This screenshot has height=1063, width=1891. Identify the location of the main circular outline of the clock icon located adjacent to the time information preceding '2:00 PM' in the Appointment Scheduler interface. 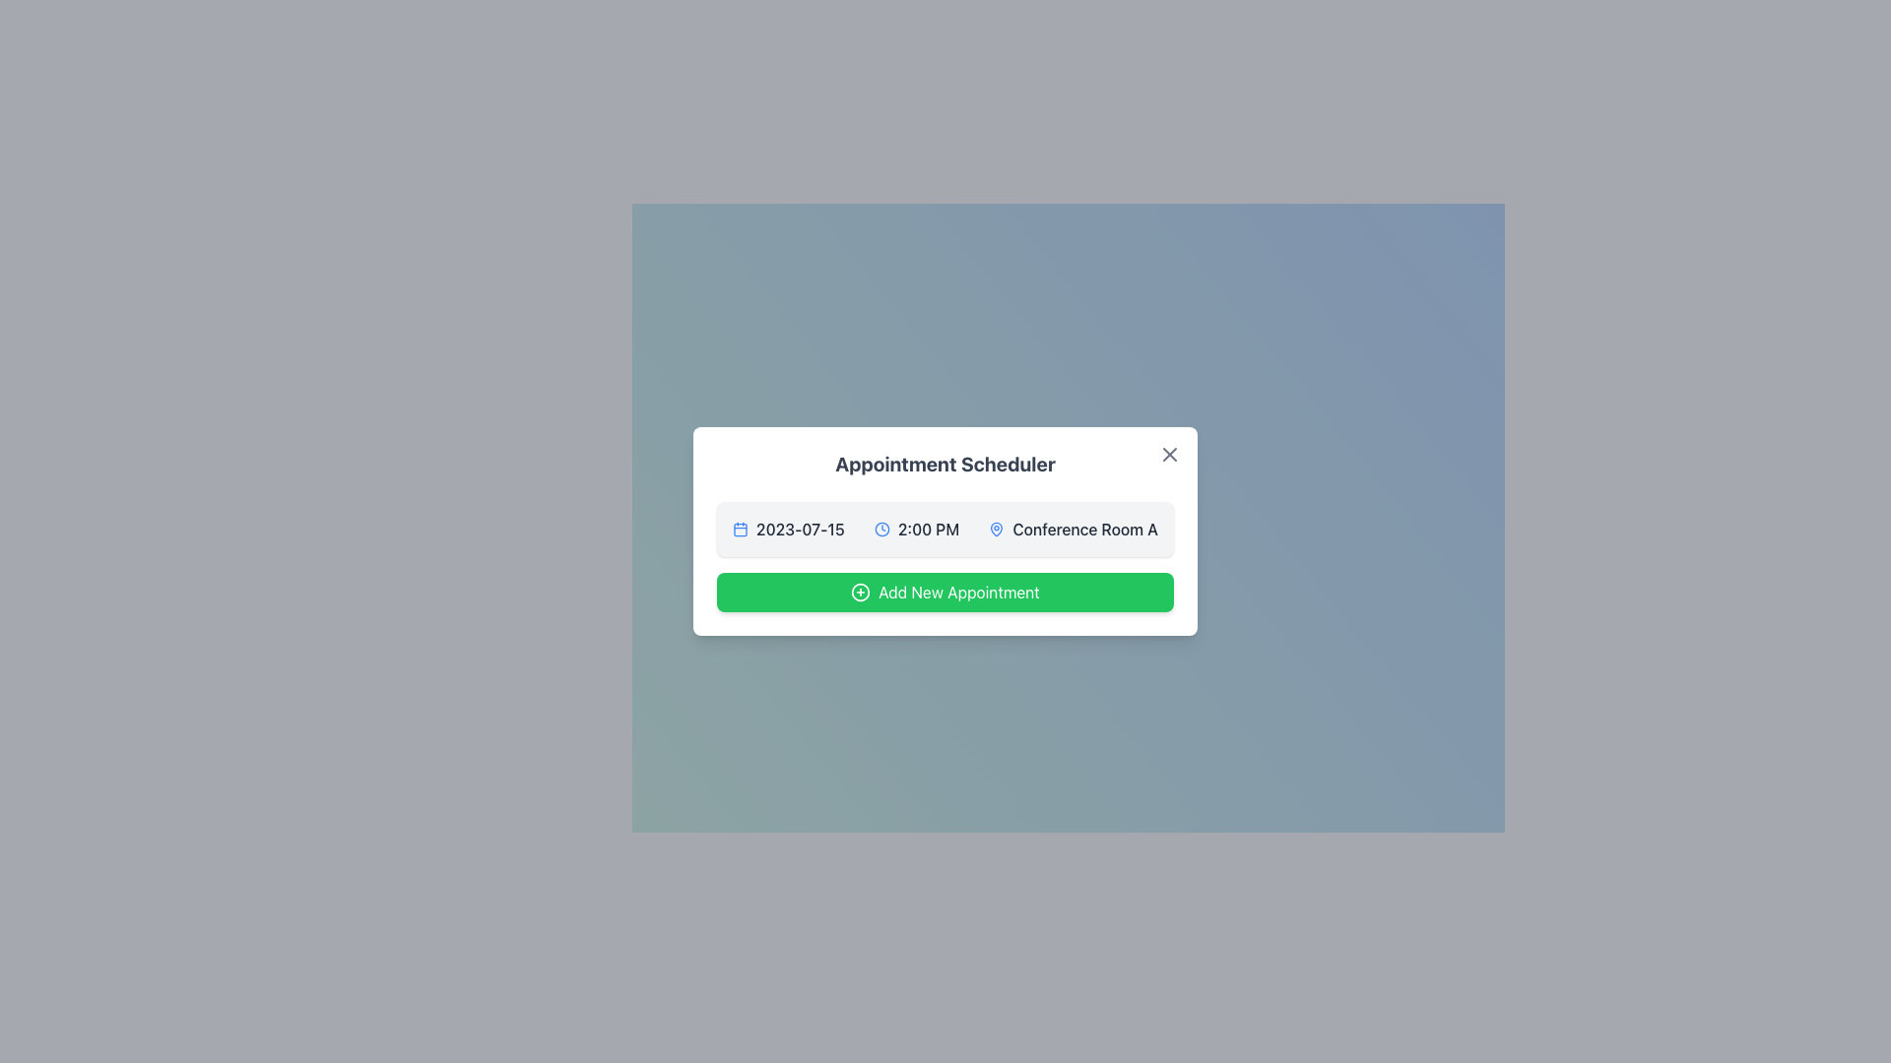
(880, 528).